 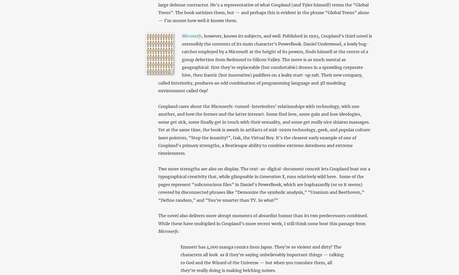 I want to click on 'The novel also delivers more abrupt moments of absurdist humor than its two predecessors combined. While these have multiplied in Coupland’s more recent work, I still think none beat this passage from', so click(x=262, y=219).